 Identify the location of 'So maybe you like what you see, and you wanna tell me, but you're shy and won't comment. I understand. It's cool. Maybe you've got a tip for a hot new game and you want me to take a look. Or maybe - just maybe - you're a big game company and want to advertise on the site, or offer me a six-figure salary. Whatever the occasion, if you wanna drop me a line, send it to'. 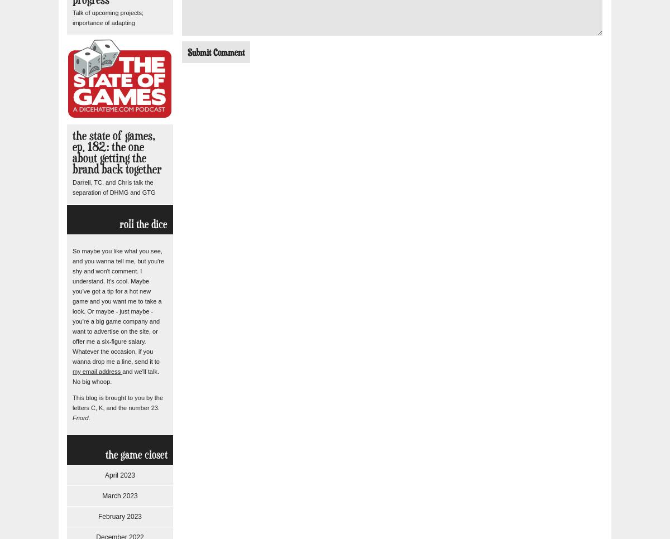
(118, 306).